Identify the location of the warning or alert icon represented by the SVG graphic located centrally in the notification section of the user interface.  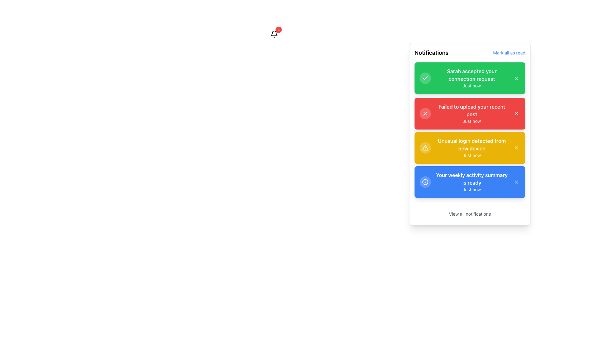
(425, 148).